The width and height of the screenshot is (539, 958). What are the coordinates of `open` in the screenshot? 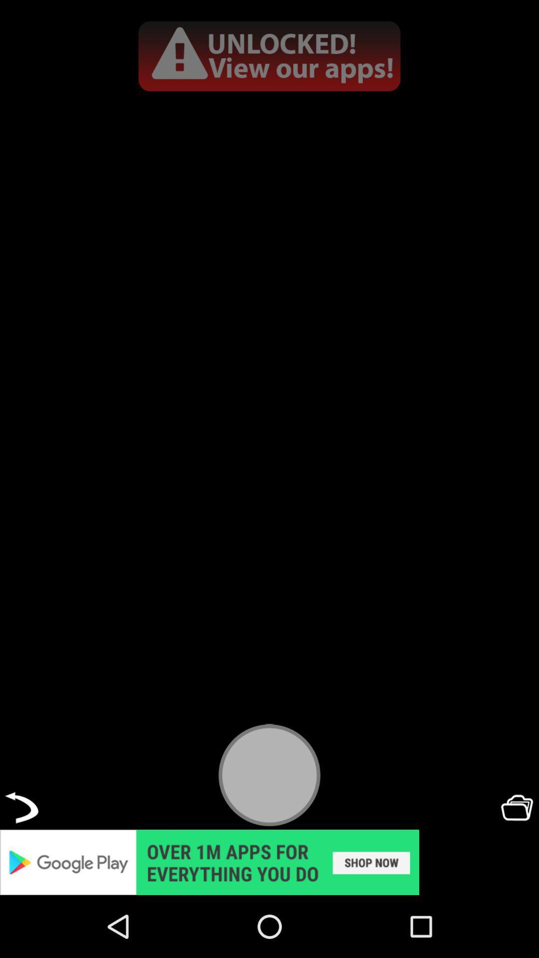 It's located at (517, 807).